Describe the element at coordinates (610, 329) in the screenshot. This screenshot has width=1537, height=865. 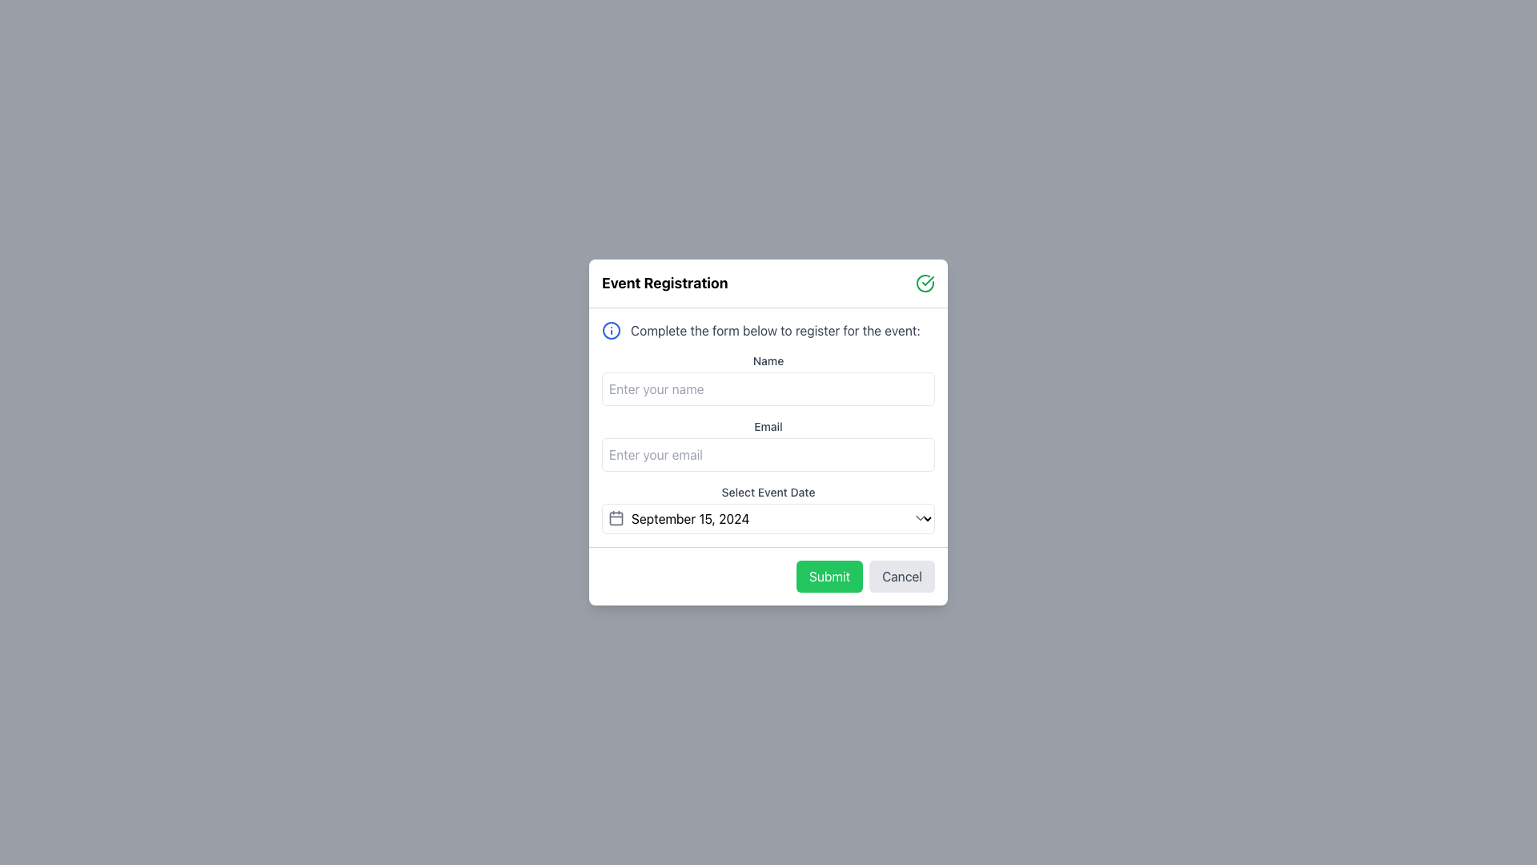
I see `the informational icon represented as a blue outlined circle with a lowercase 'i'` at that location.